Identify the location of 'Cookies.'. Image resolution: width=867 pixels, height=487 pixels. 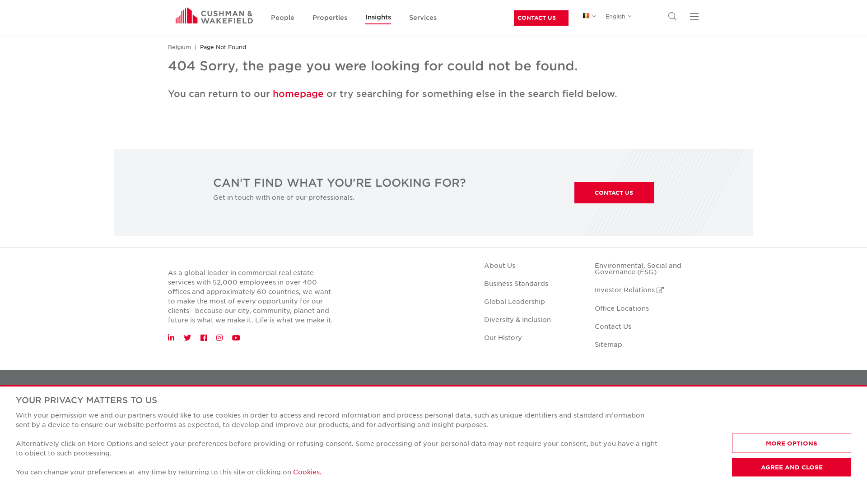
(293, 471).